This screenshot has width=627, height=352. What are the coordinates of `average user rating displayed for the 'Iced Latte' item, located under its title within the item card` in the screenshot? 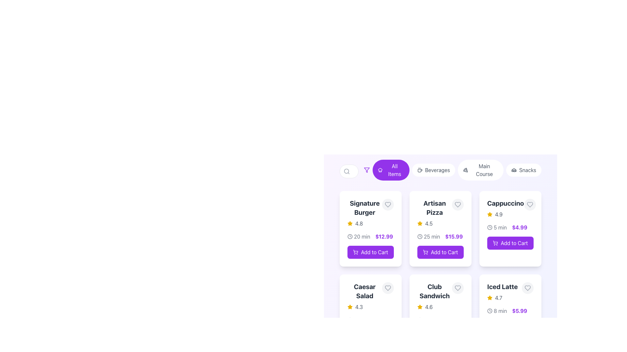 It's located at (502, 298).